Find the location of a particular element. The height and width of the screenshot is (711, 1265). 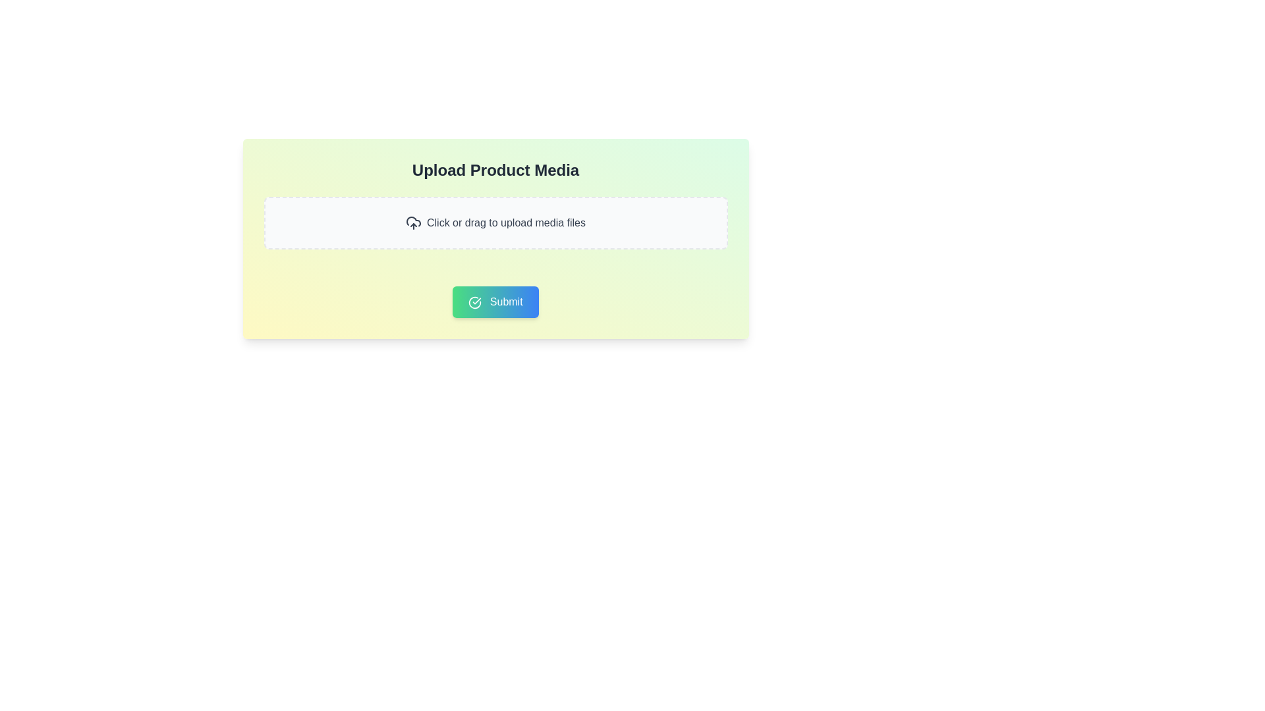

the submission button located centrally at the bottom of the light-colored card layout is located at coordinates (495, 302).